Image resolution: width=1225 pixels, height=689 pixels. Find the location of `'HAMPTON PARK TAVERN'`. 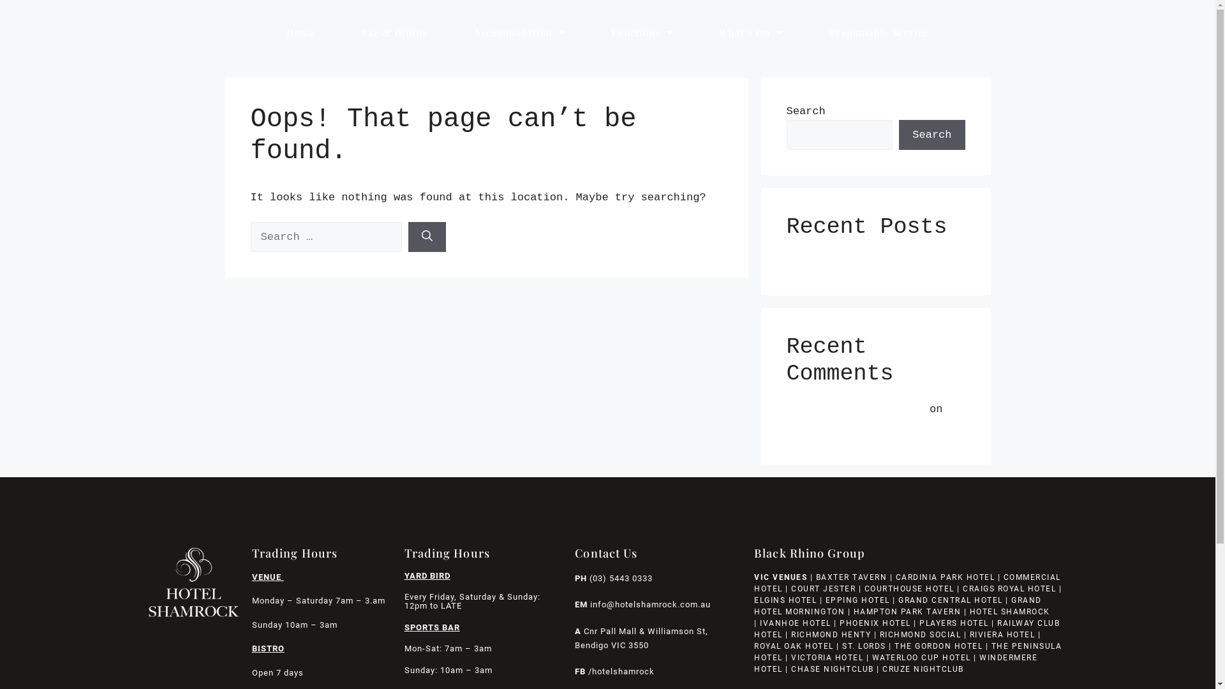

'HAMPTON PARK TAVERN' is located at coordinates (907, 611).